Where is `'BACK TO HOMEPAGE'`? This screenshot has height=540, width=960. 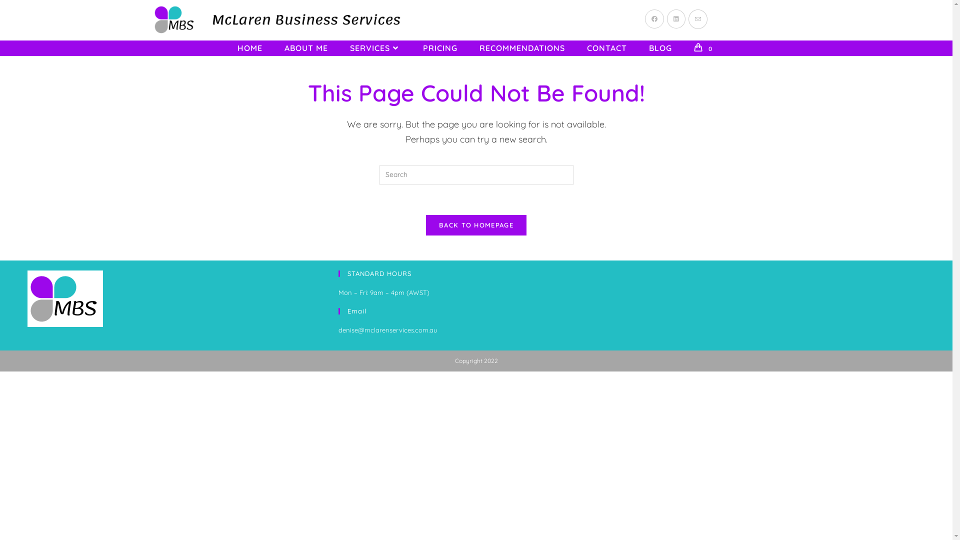 'BACK TO HOMEPAGE' is located at coordinates (475, 225).